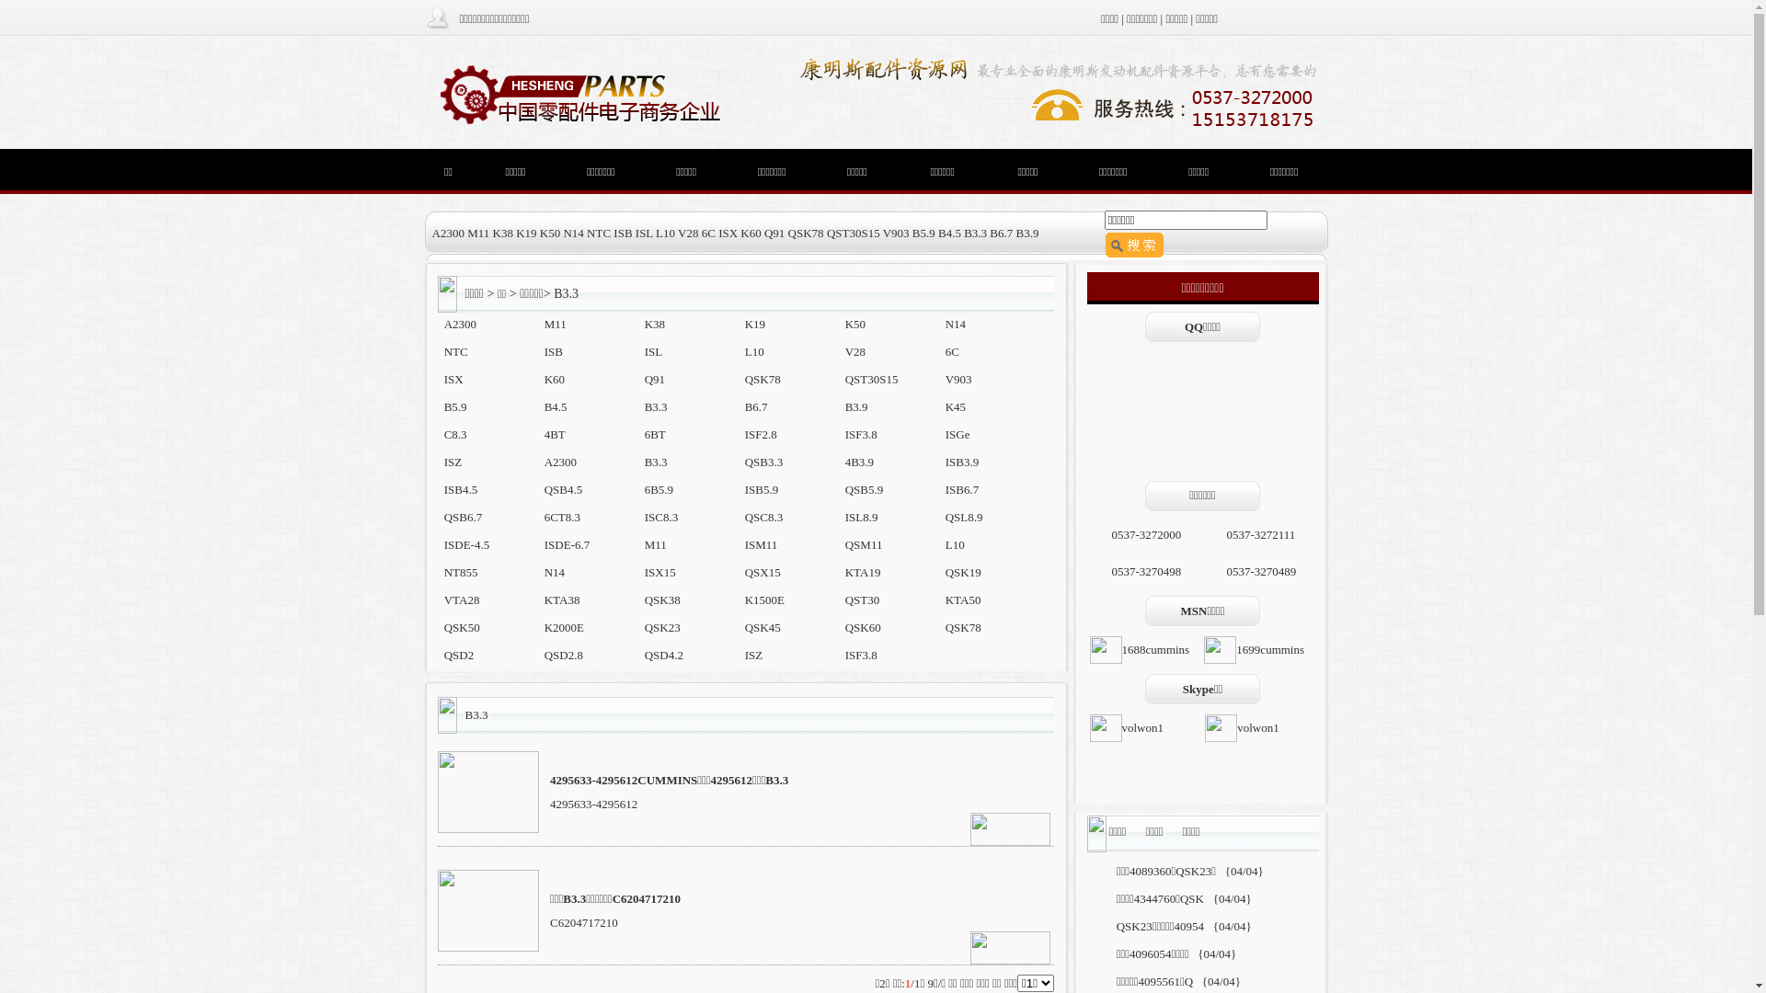  I want to click on 'ISB', so click(552, 351).